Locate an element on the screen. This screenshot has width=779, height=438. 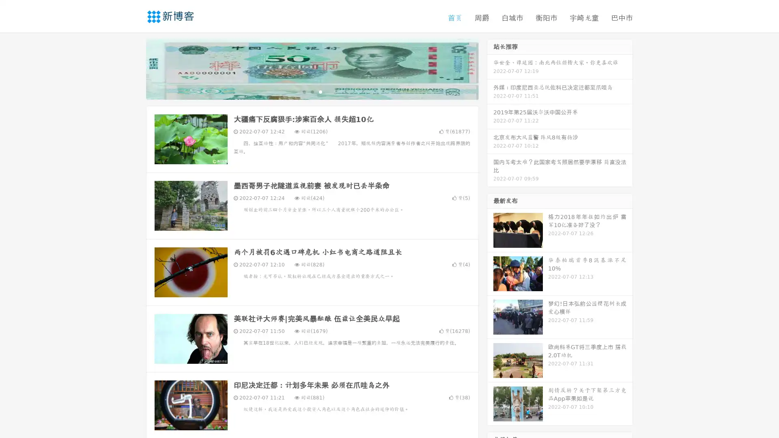
Go to slide 1 is located at coordinates (303, 91).